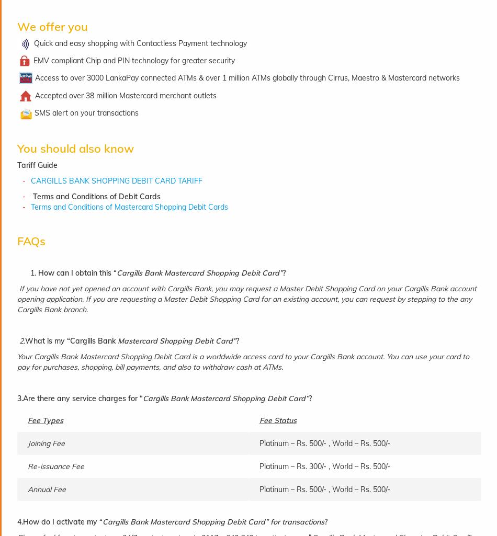 The width and height of the screenshot is (497, 536). Describe the element at coordinates (60, 521) in the screenshot. I see `'4.How do I activate my “'` at that location.